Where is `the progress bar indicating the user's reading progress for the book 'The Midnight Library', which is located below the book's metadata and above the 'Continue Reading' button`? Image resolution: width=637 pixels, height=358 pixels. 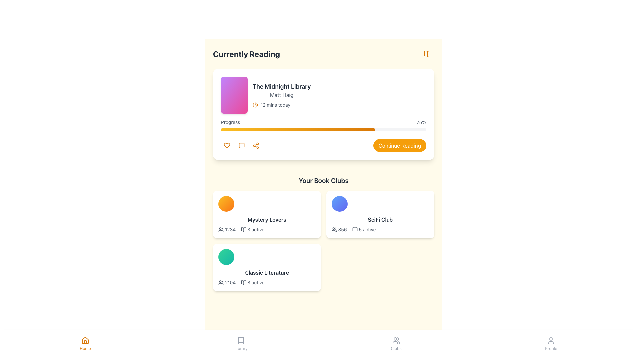
the progress bar indicating the user's reading progress for the book 'The Midnight Library', which is located below the book's metadata and above the 'Continue Reading' button is located at coordinates (323, 125).